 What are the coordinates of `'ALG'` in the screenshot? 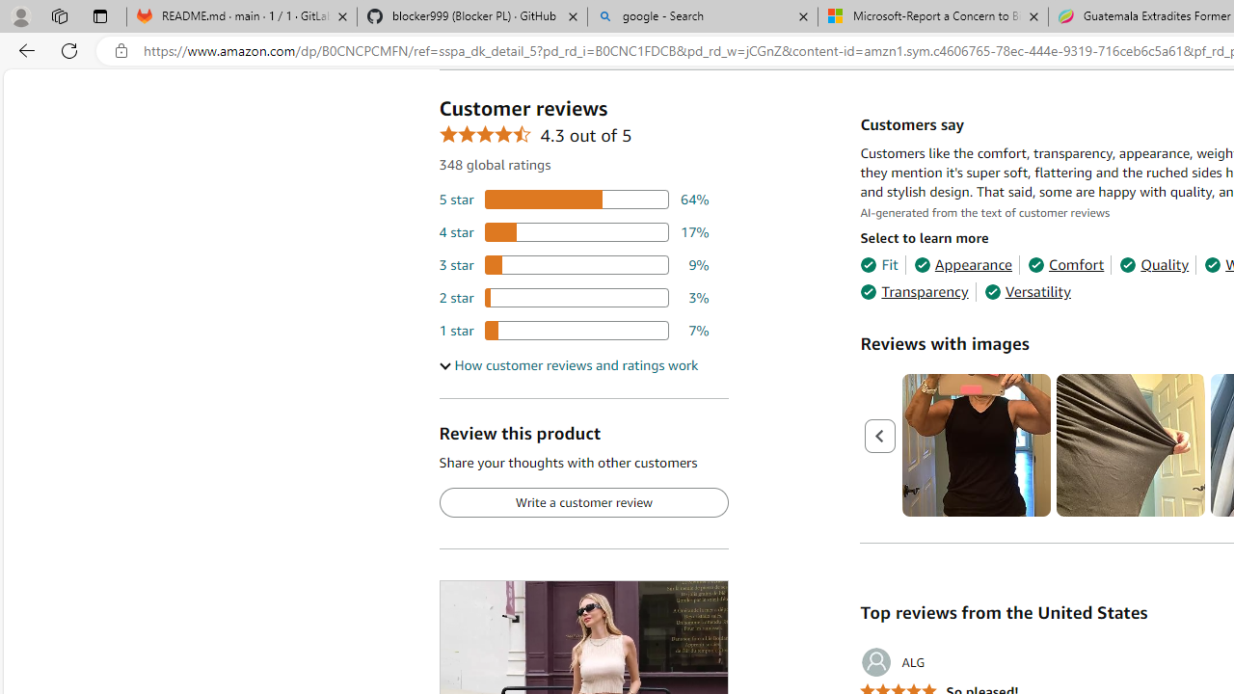 It's located at (892, 661).